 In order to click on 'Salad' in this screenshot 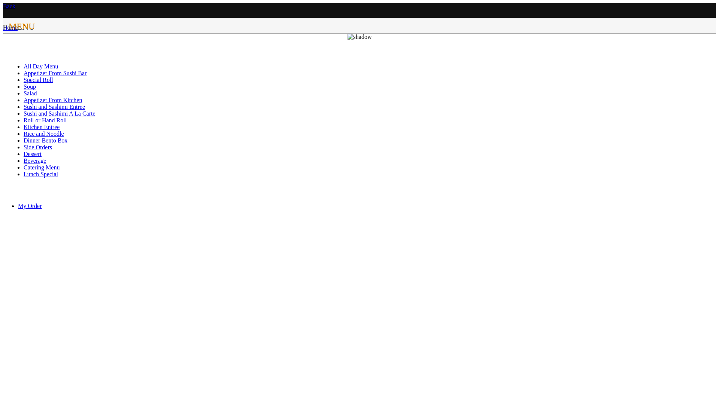, I will do `click(30, 93)`.